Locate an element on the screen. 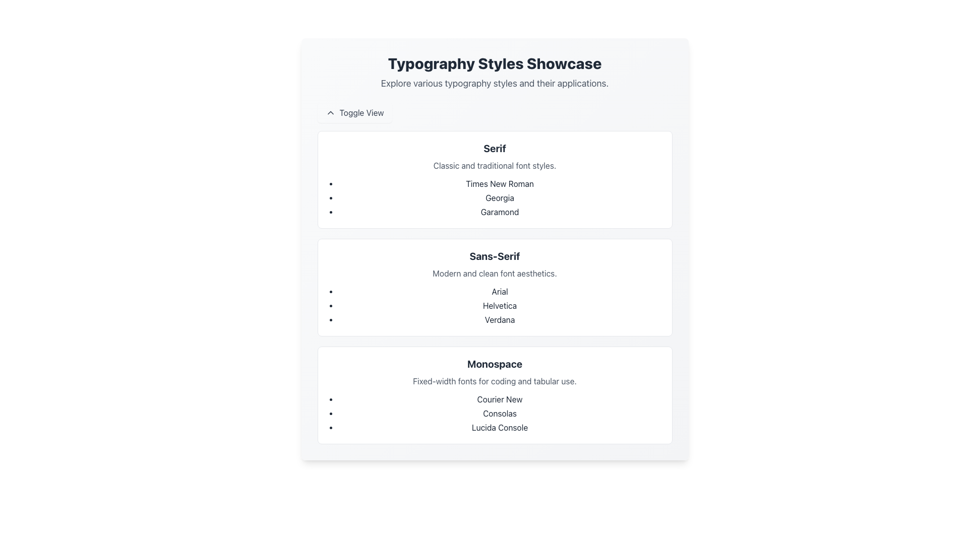 This screenshot has width=968, height=544. the upward-pointing chevron icon within the 'Toggle View' button is located at coordinates (330, 112).